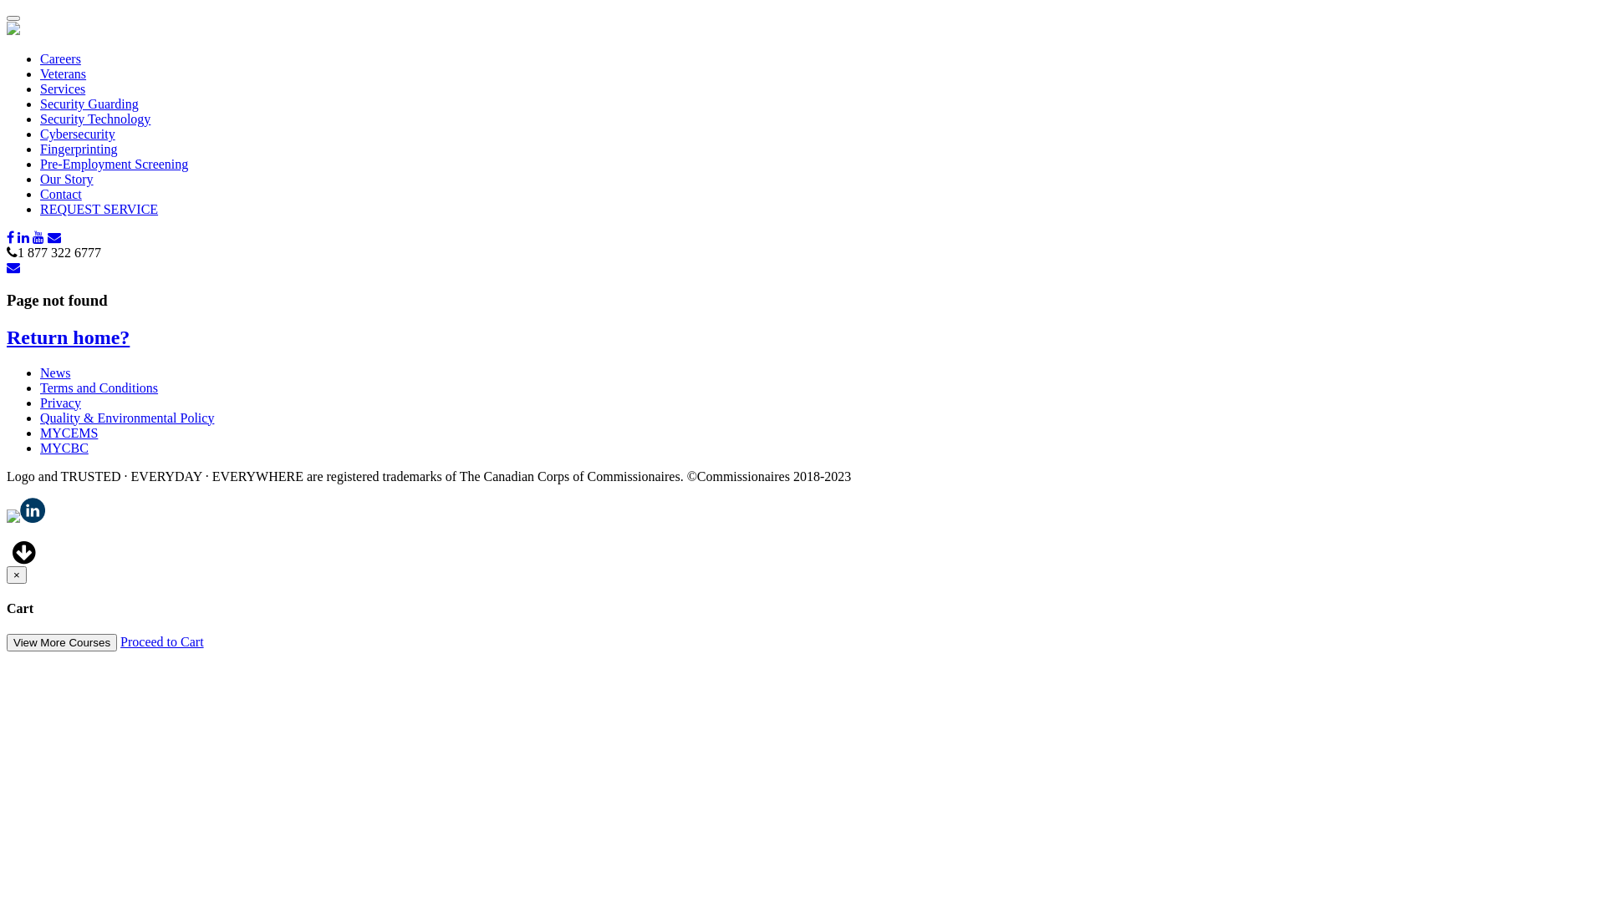 The height and width of the screenshot is (902, 1605). Describe the element at coordinates (13, 18) in the screenshot. I see `'Toggle navigation'` at that location.